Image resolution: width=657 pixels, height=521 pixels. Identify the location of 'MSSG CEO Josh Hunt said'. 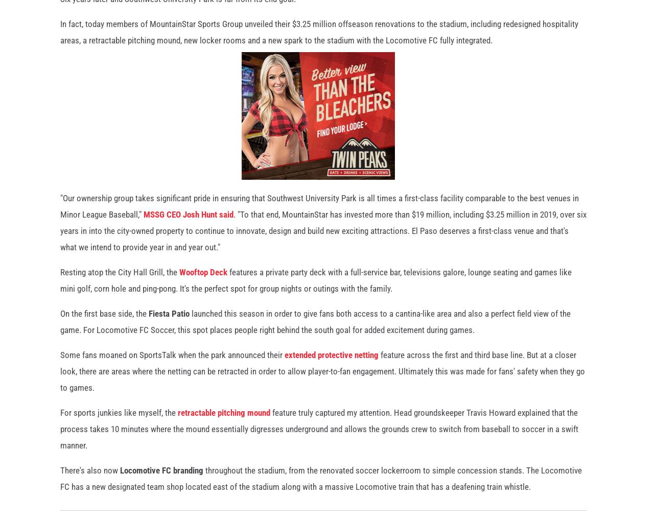
(187, 219).